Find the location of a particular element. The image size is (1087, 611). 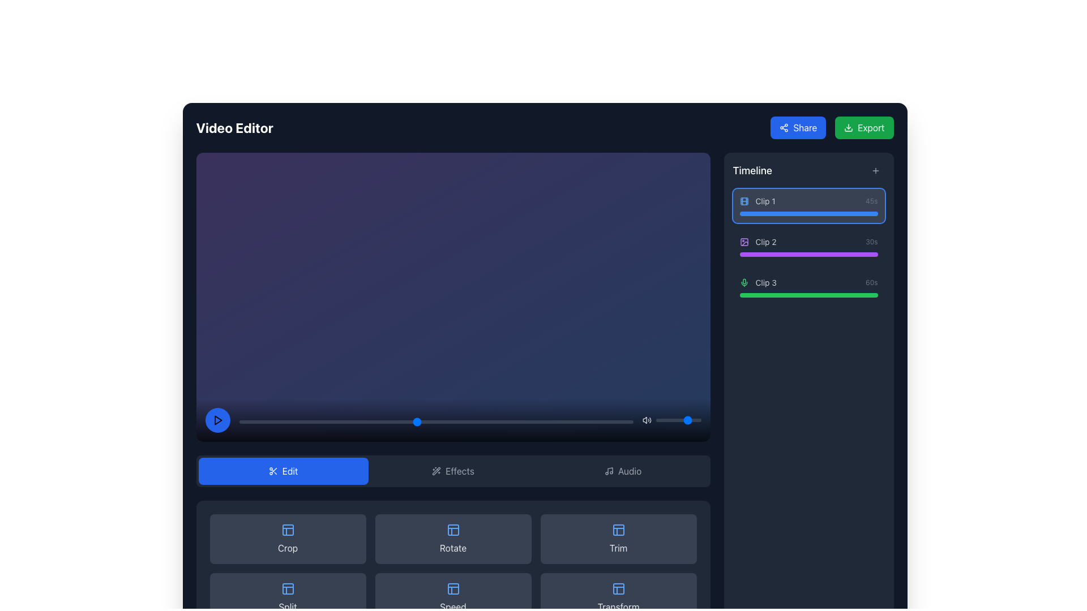

text label associated with the 60-second clip in the Timeline section, positioned to the right of the green microphone icon is located at coordinates (766, 282).